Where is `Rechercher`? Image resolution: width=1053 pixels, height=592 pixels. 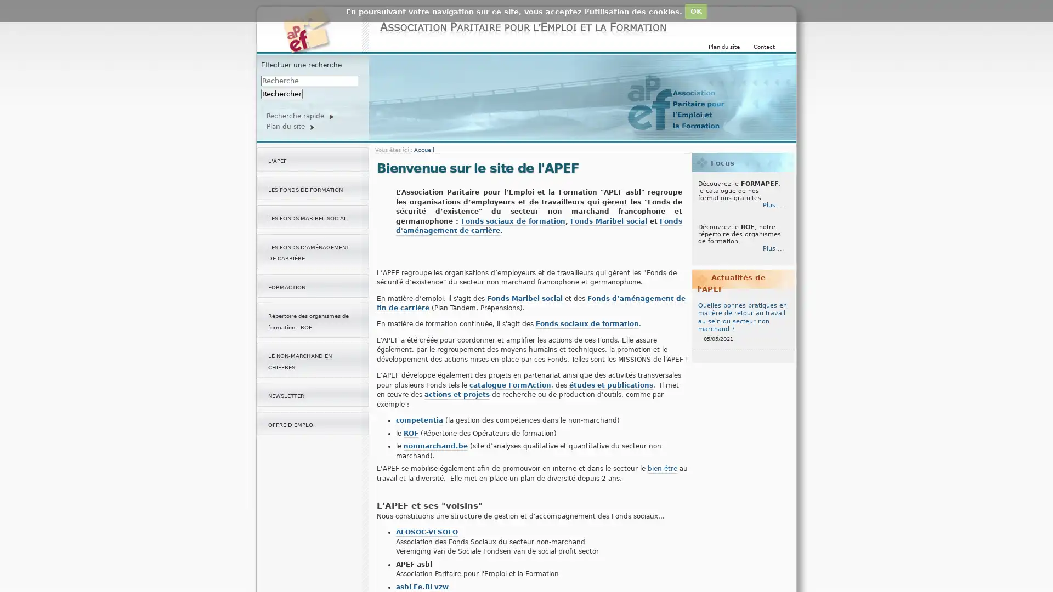 Rechercher is located at coordinates (281, 93).